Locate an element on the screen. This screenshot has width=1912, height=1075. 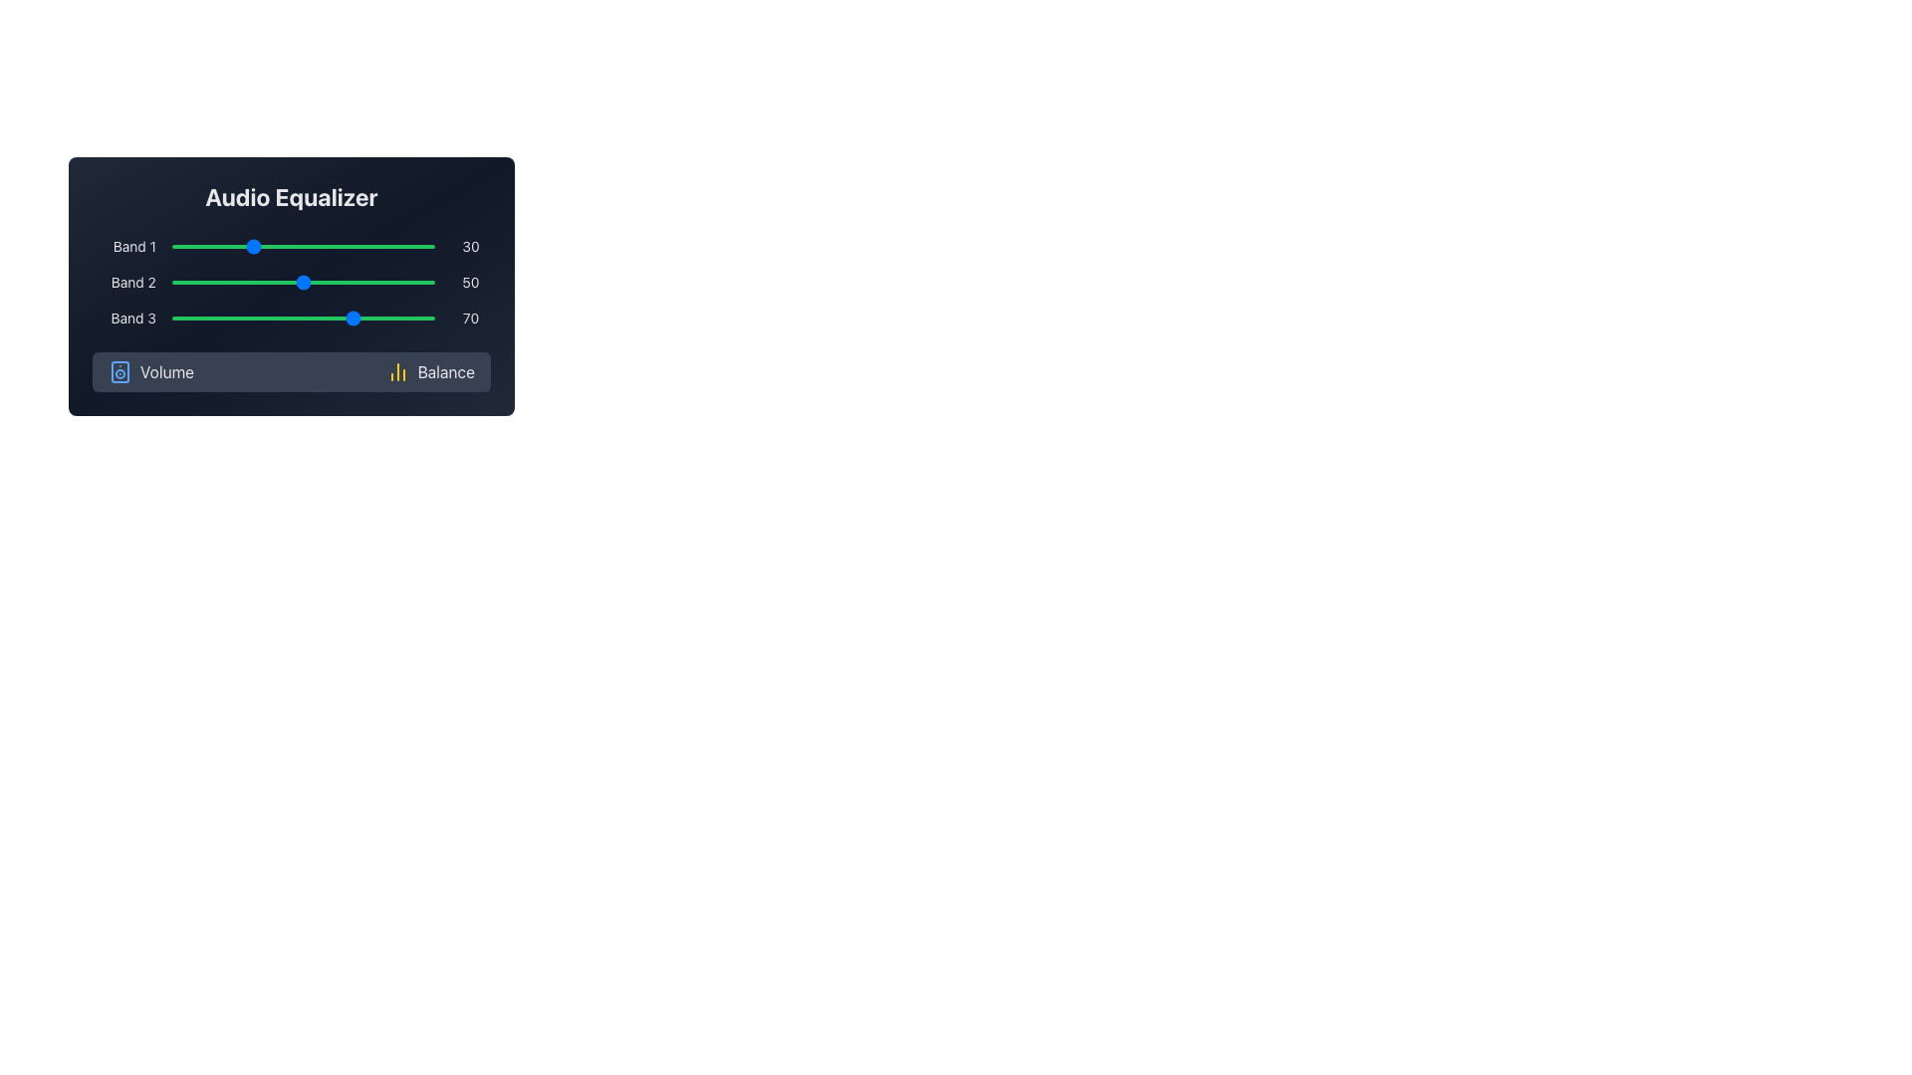
Band 3 is located at coordinates (310, 318).